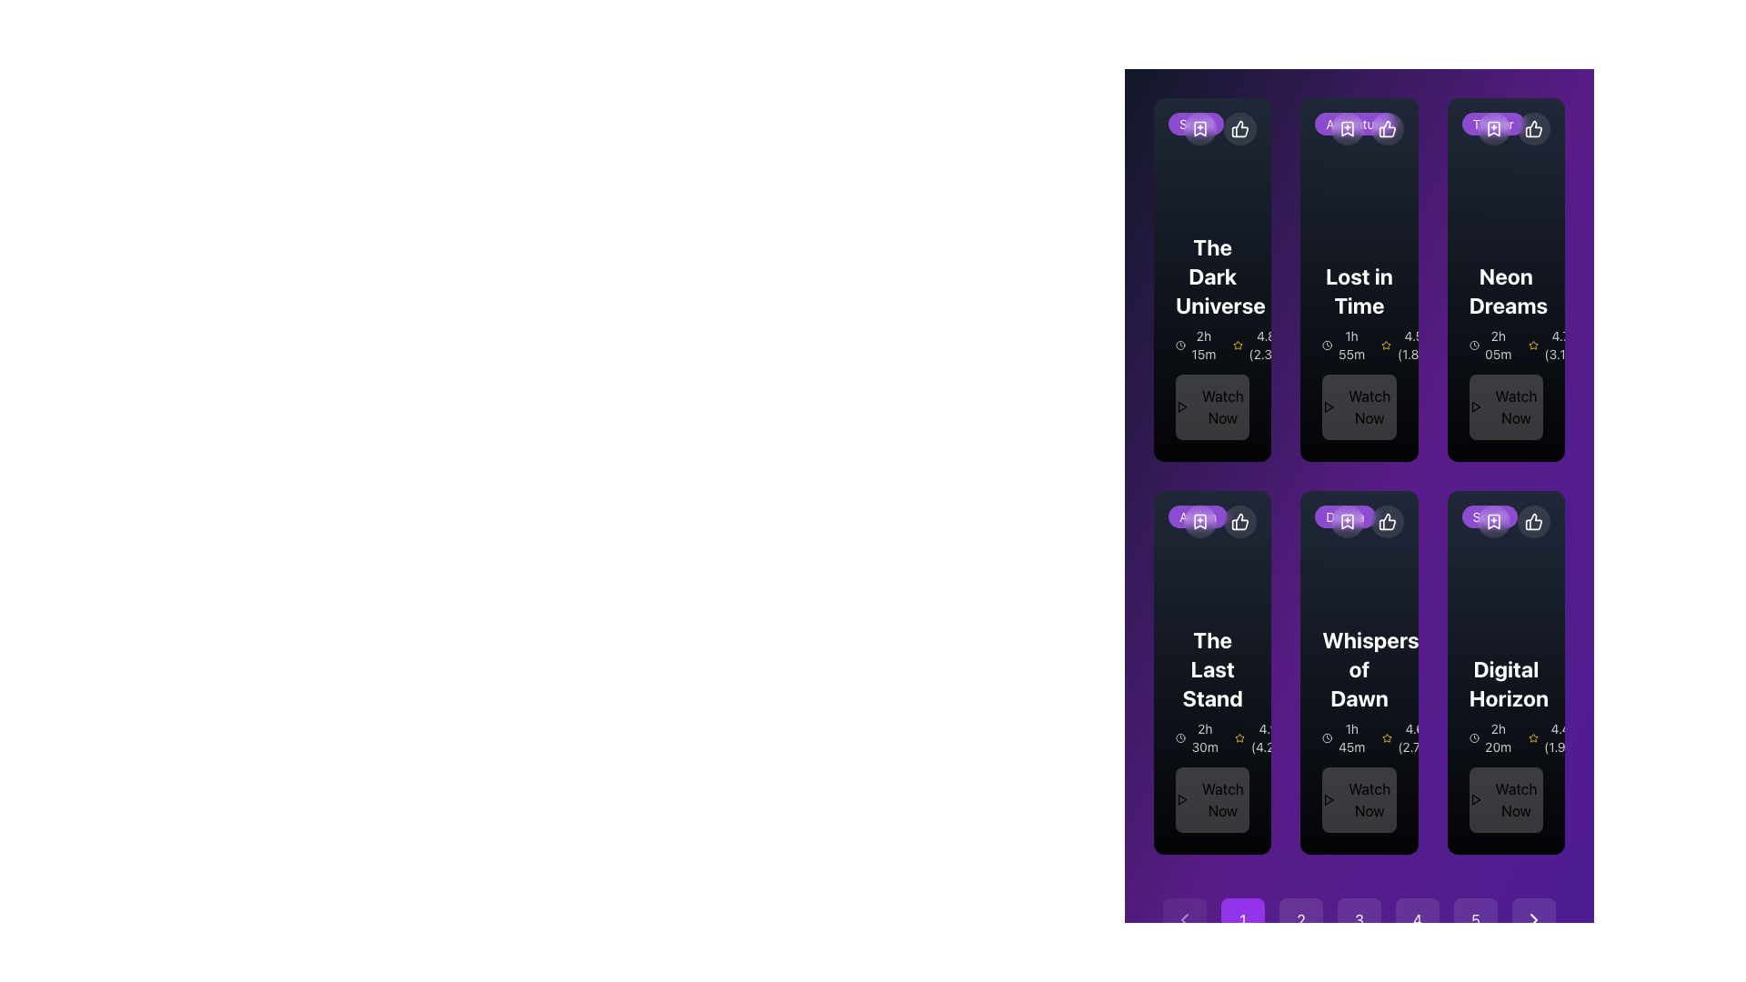  Describe the element at coordinates (1347, 128) in the screenshot. I see `the bookmark icon button with a '+' symbol, located at the top of the 'Lost in Time' card` at that location.